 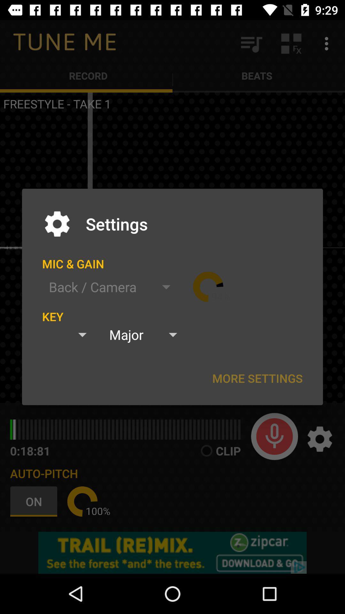 I want to click on the on, so click(x=35, y=501).